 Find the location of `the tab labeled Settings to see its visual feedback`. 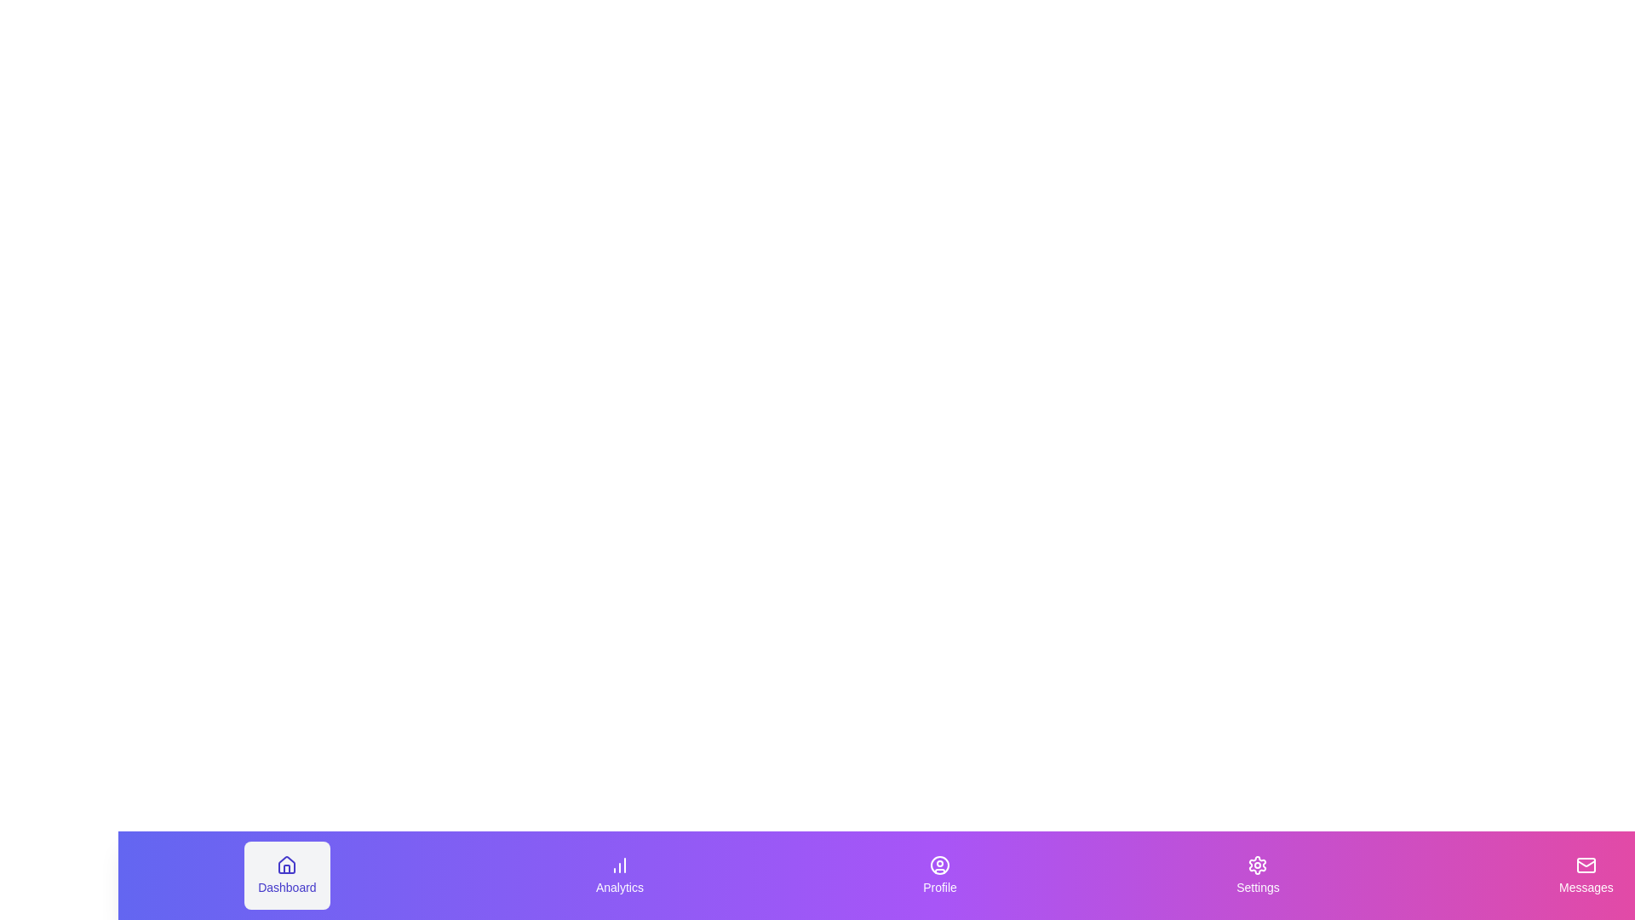

the tab labeled Settings to see its visual feedback is located at coordinates (1258, 876).